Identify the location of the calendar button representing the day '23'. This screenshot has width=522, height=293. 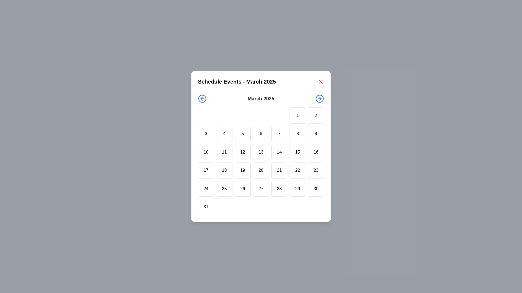
(316, 170).